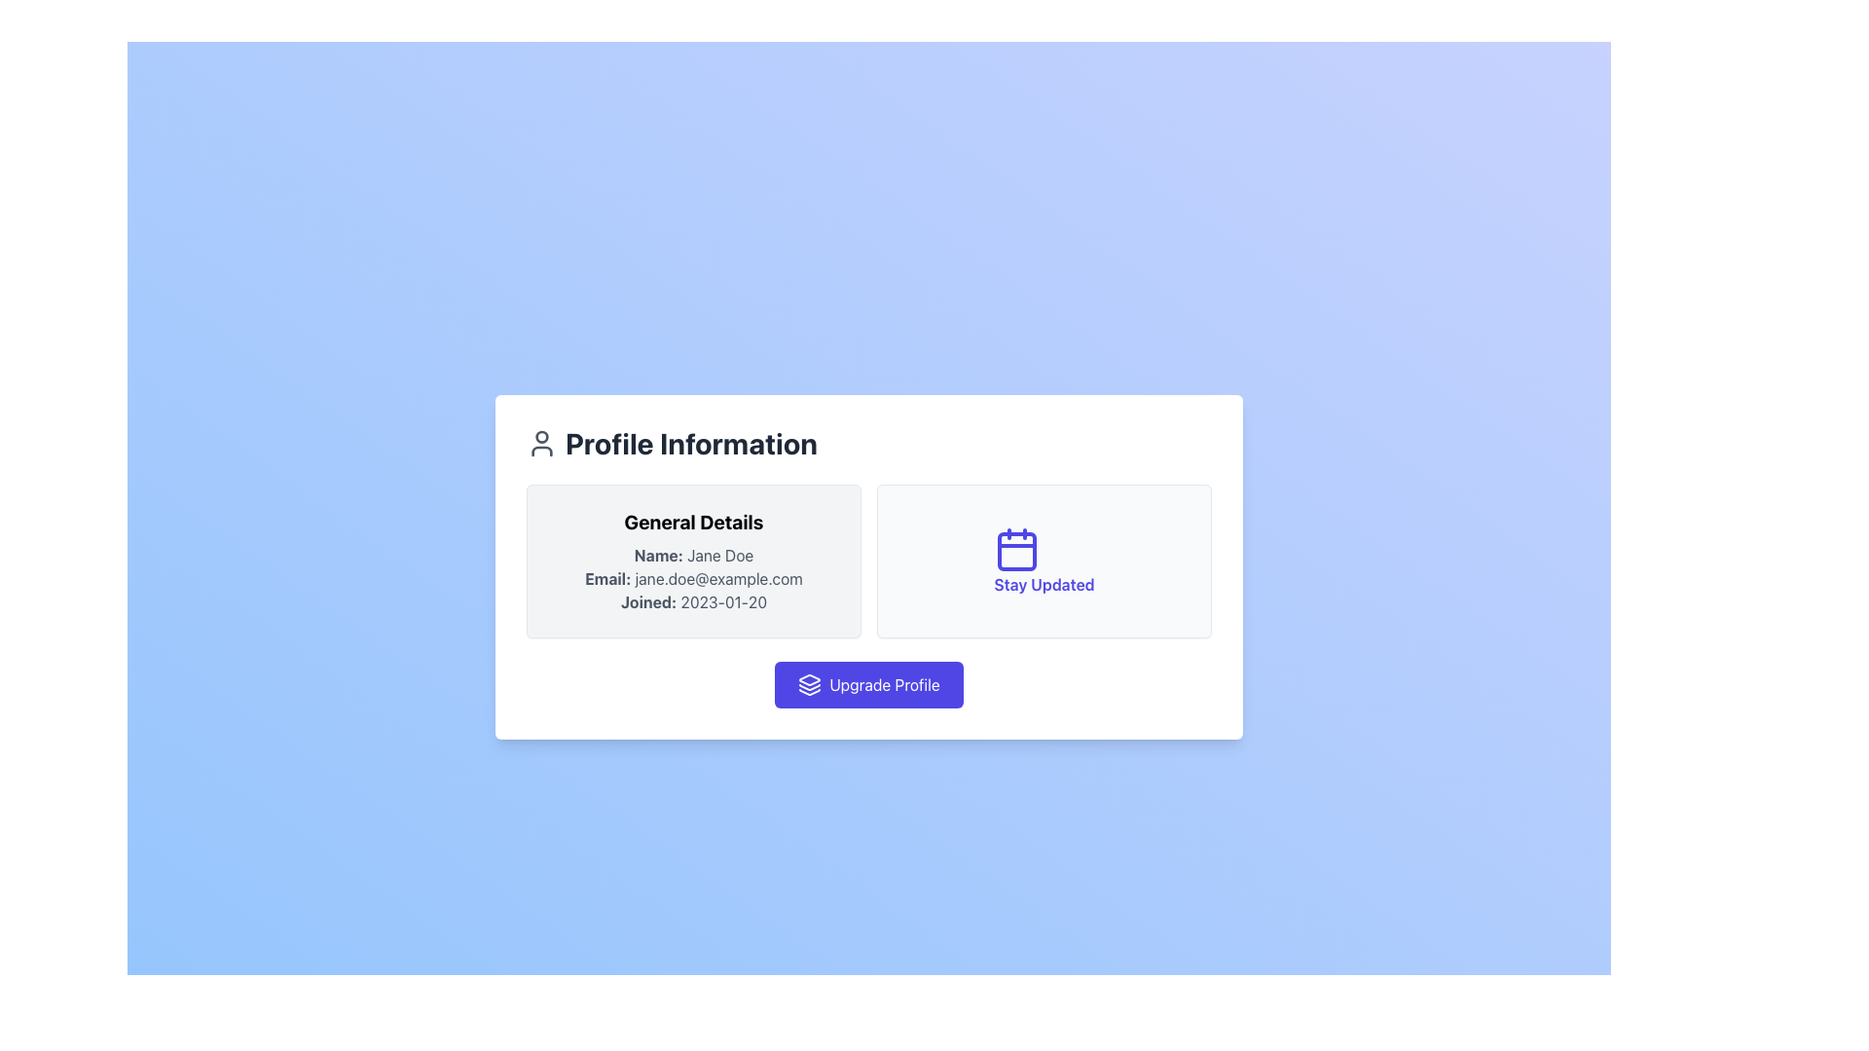 The image size is (1869, 1051). I want to click on the Text label that serves as a title or descriptor for the associated card content, located within the 'Profile Information' section, directly beneath the calendar icon, so click(1044, 584).